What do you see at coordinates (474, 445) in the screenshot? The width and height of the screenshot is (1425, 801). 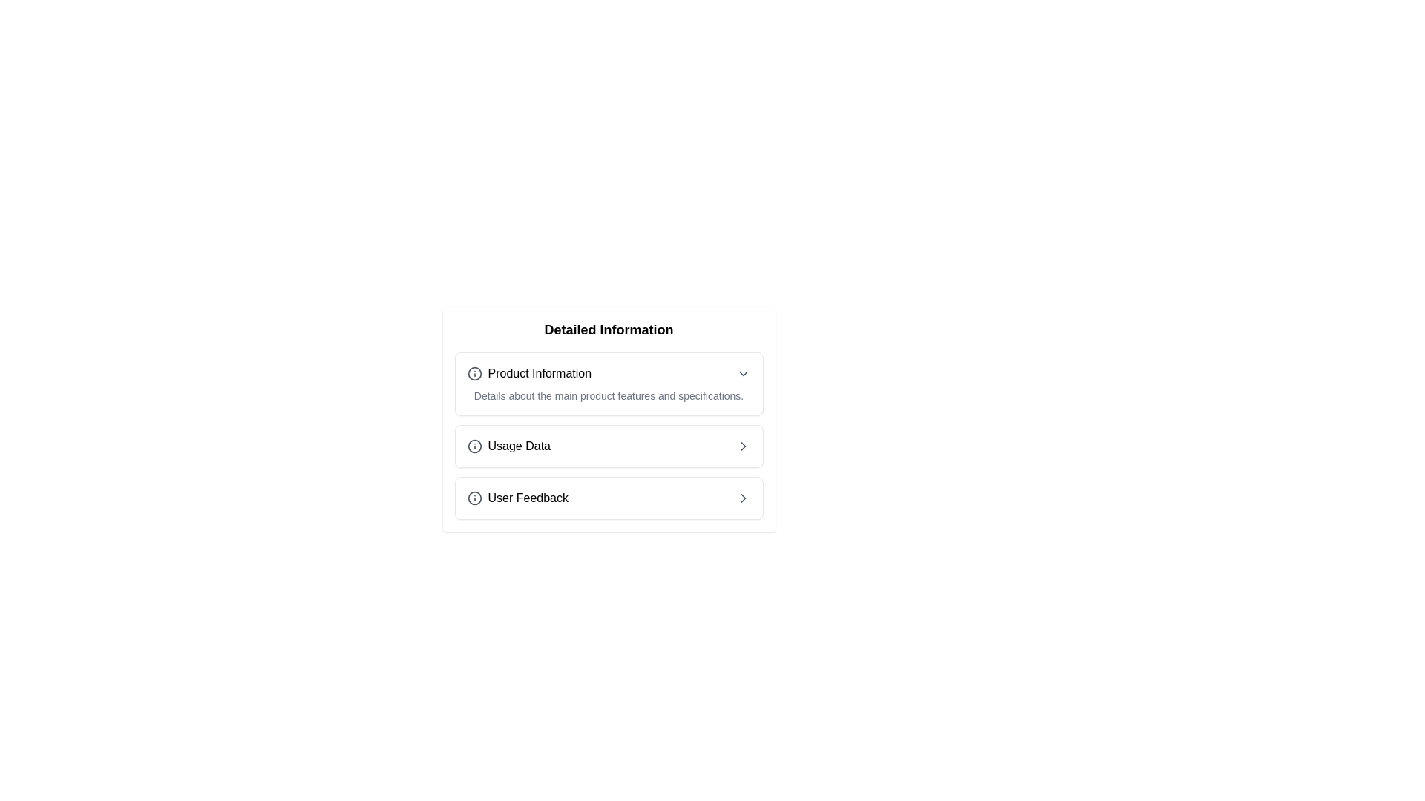 I see `the SVG graphical element (circle) that represents an information icon, positioned to the left of the 'Product Information' text` at bounding box center [474, 445].